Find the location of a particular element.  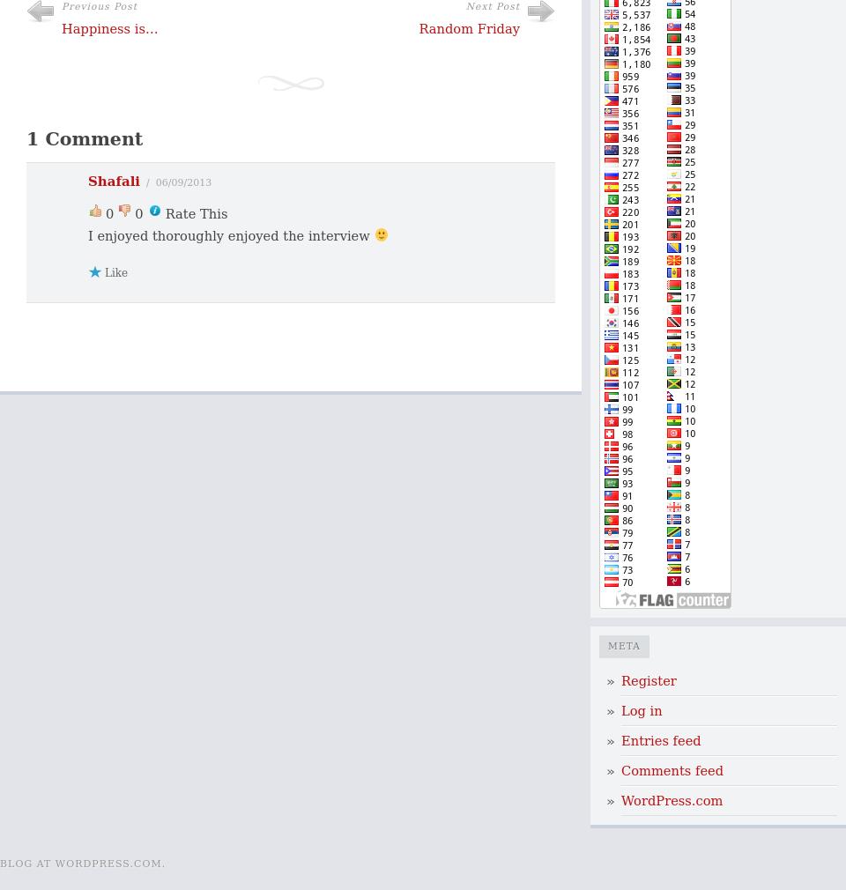

'1 Comment' is located at coordinates (85, 137).